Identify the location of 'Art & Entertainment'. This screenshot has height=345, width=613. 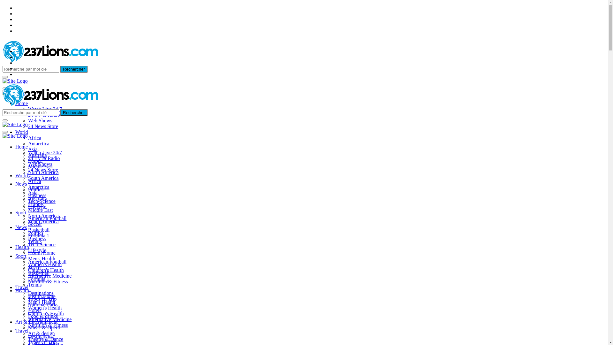
(36, 322).